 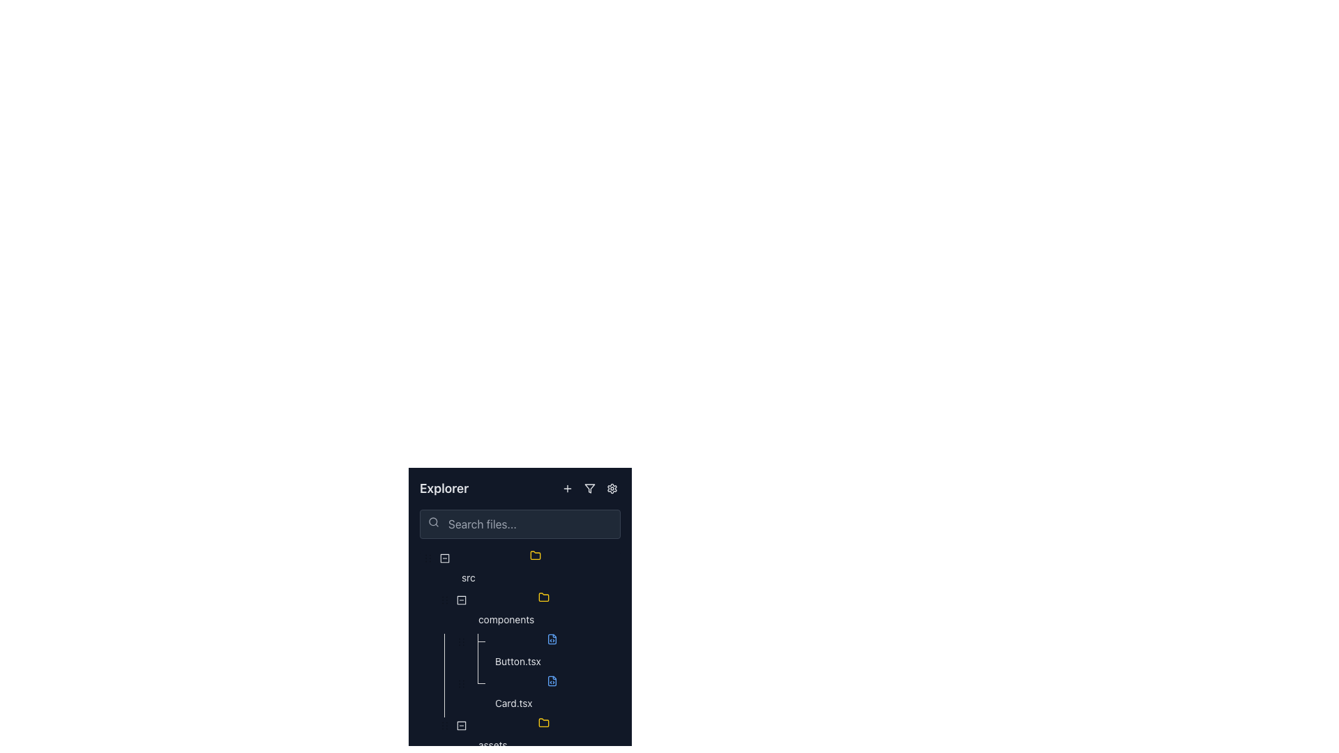 I want to click on the collapse button located in the Explorer panel, which is aligned with the first entry labeled 'src', so click(x=444, y=558).